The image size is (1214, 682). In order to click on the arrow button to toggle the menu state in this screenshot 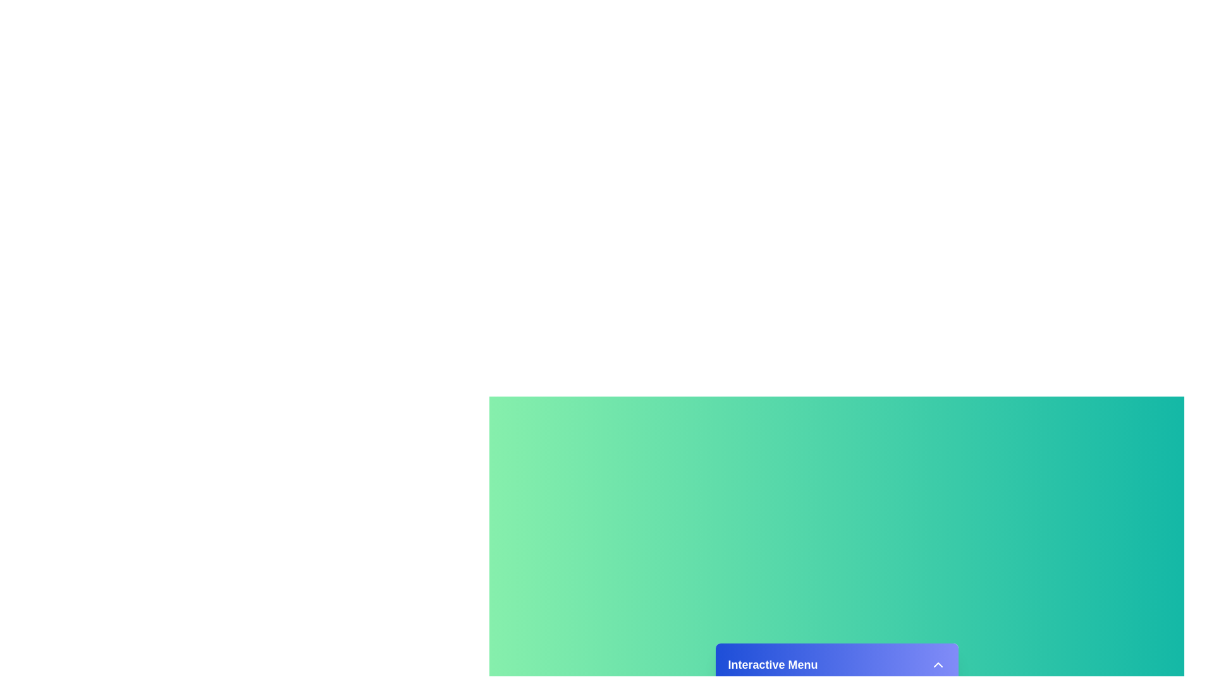, I will do `click(938, 664)`.